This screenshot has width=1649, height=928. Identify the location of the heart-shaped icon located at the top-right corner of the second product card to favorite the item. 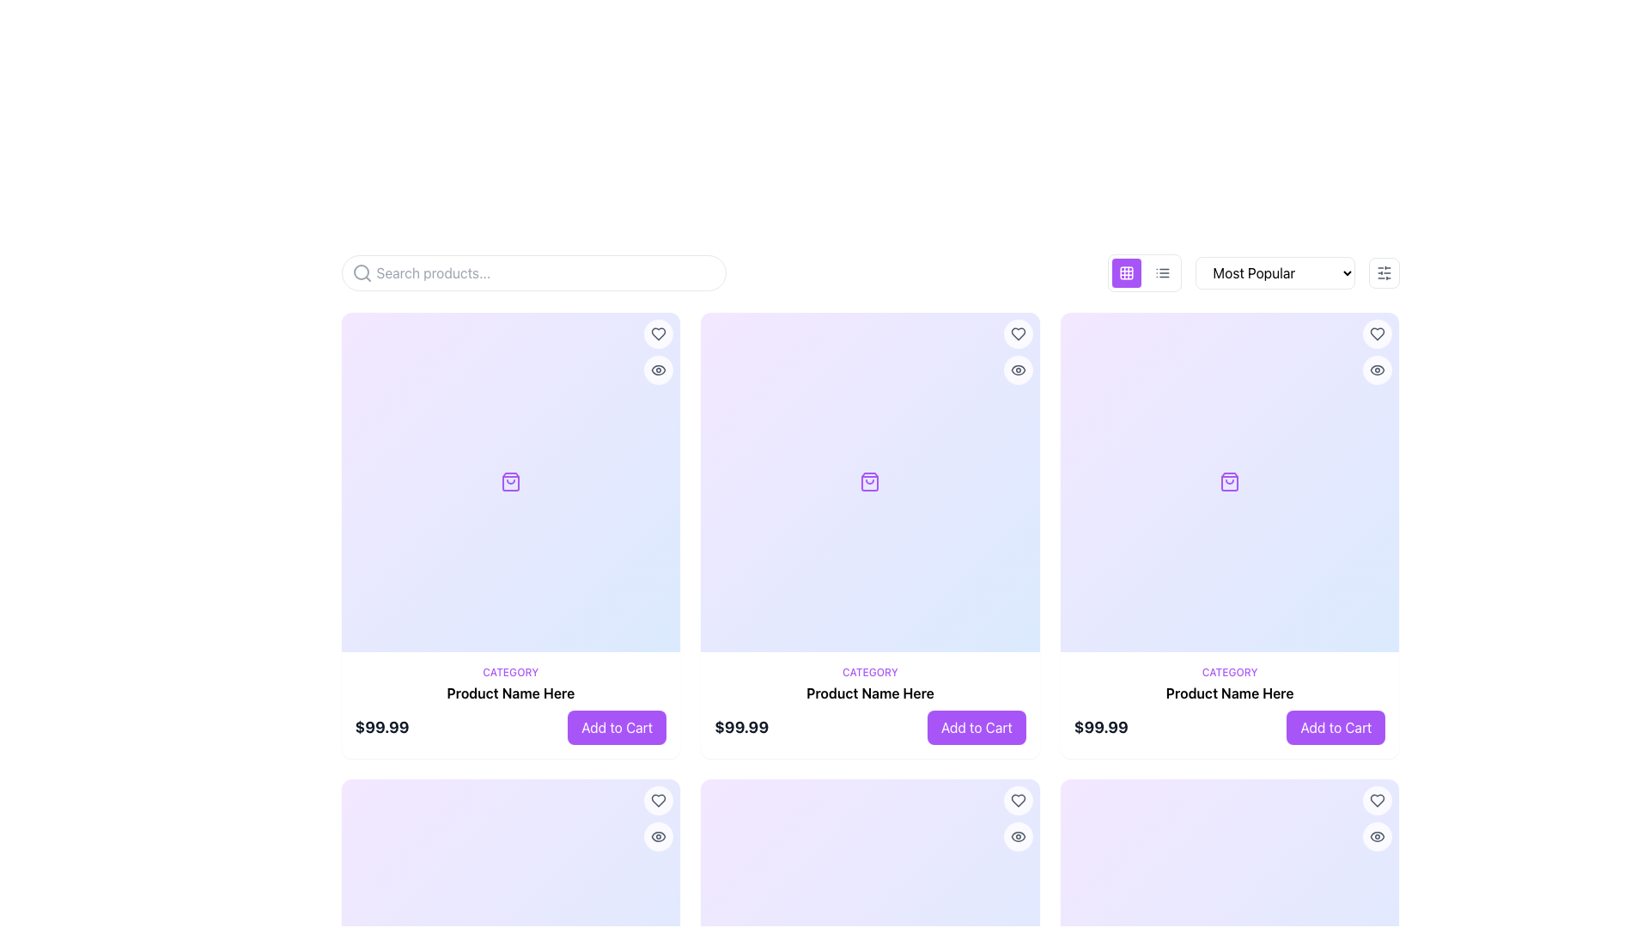
(1018, 334).